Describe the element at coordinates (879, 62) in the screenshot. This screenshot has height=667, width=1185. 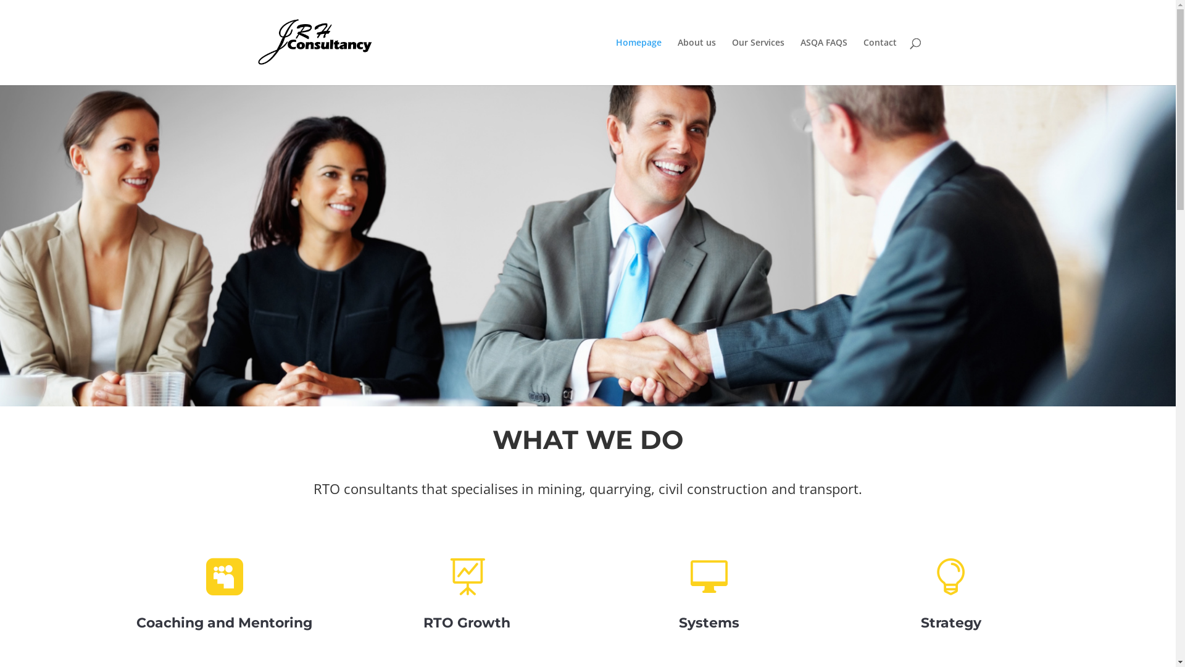
I see `'Contact'` at that location.